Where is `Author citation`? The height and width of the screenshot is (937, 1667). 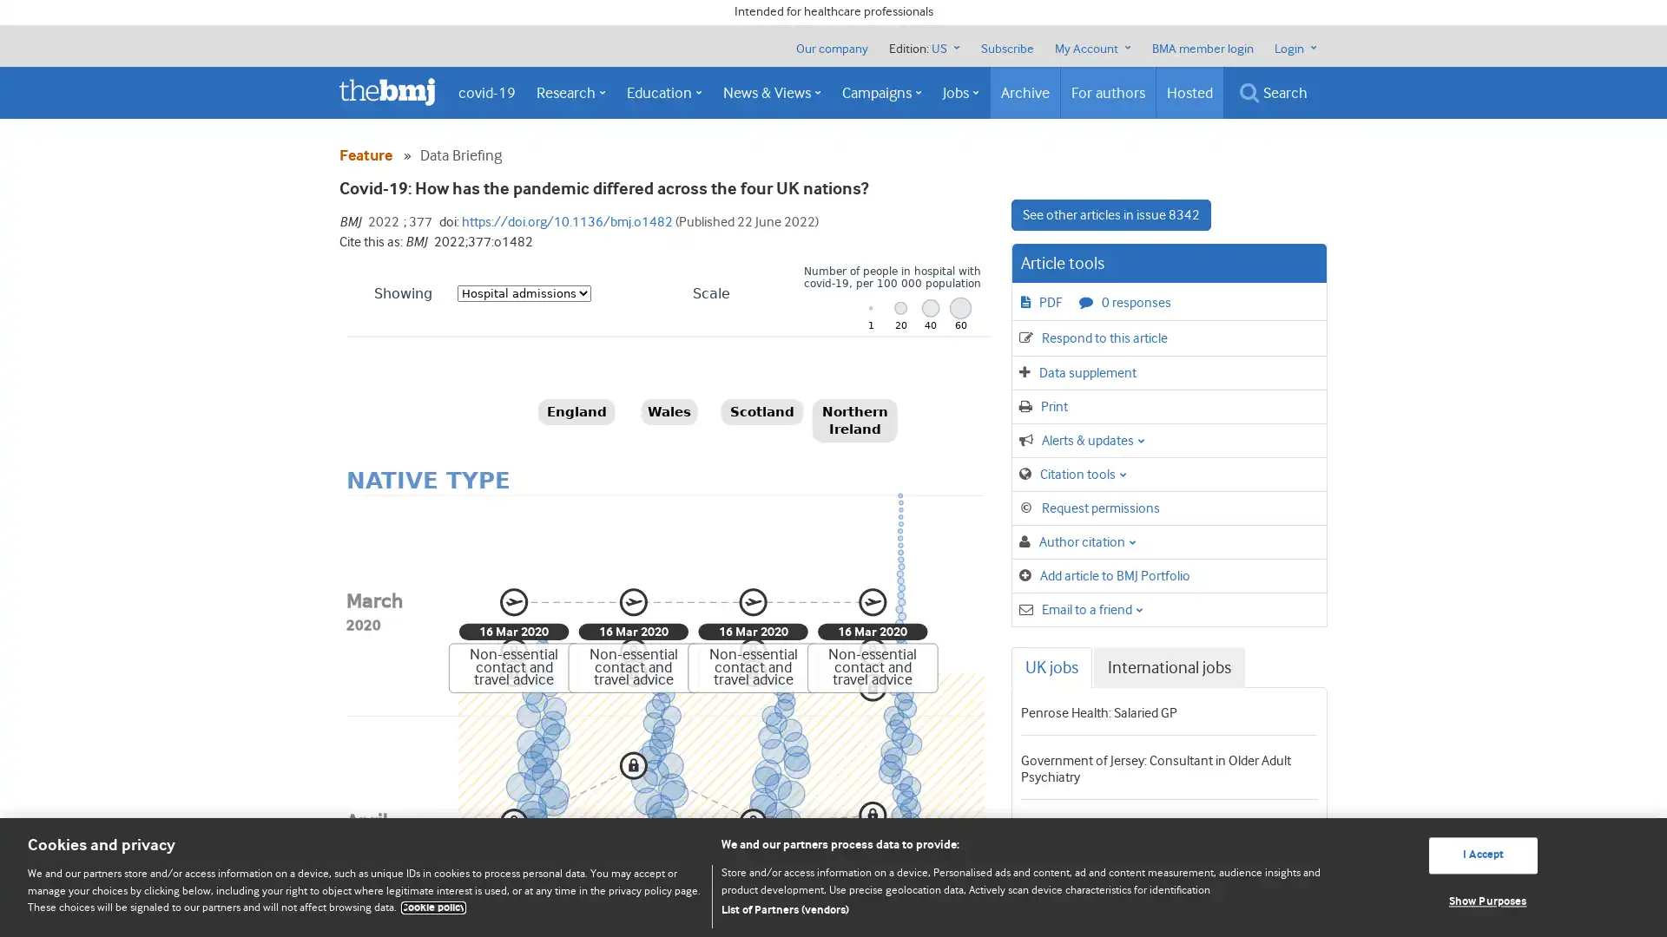
Author citation is located at coordinates (1085, 541).